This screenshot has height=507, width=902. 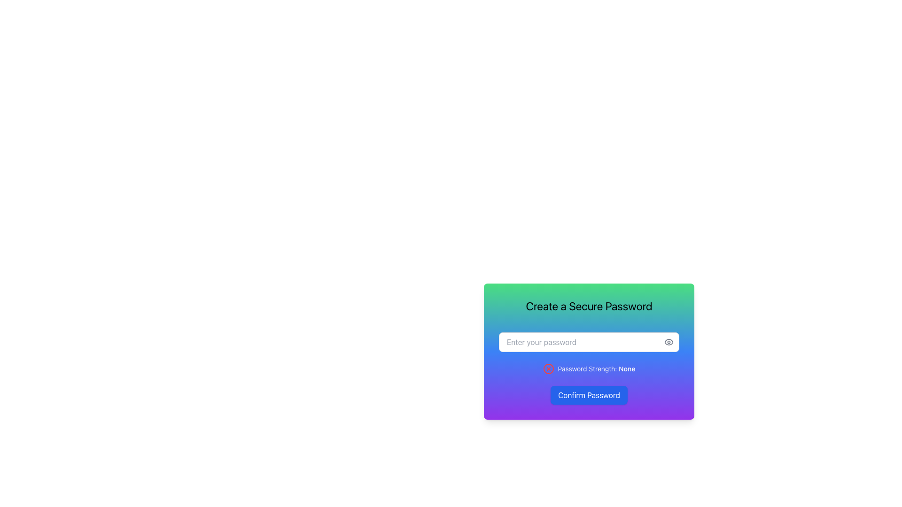 What do you see at coordinates (669, 342) in the screenshot?
I see `the circular eye icon button` at bounding box center [669, 342].